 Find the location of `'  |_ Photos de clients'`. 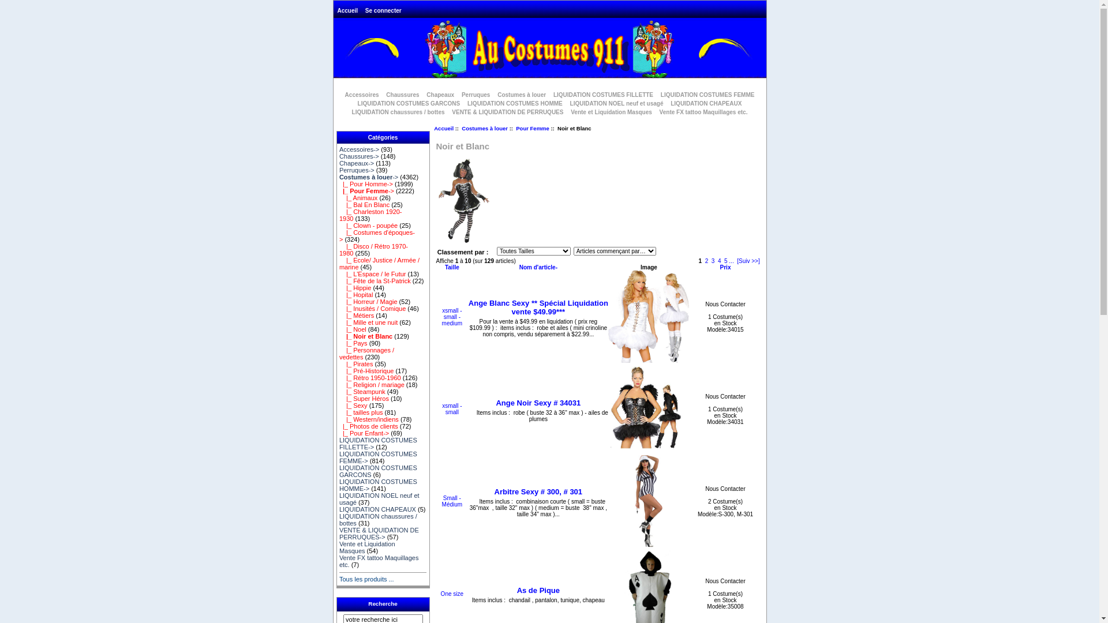

'  |_ Photos de clients' is located at coordinates (368, 426).